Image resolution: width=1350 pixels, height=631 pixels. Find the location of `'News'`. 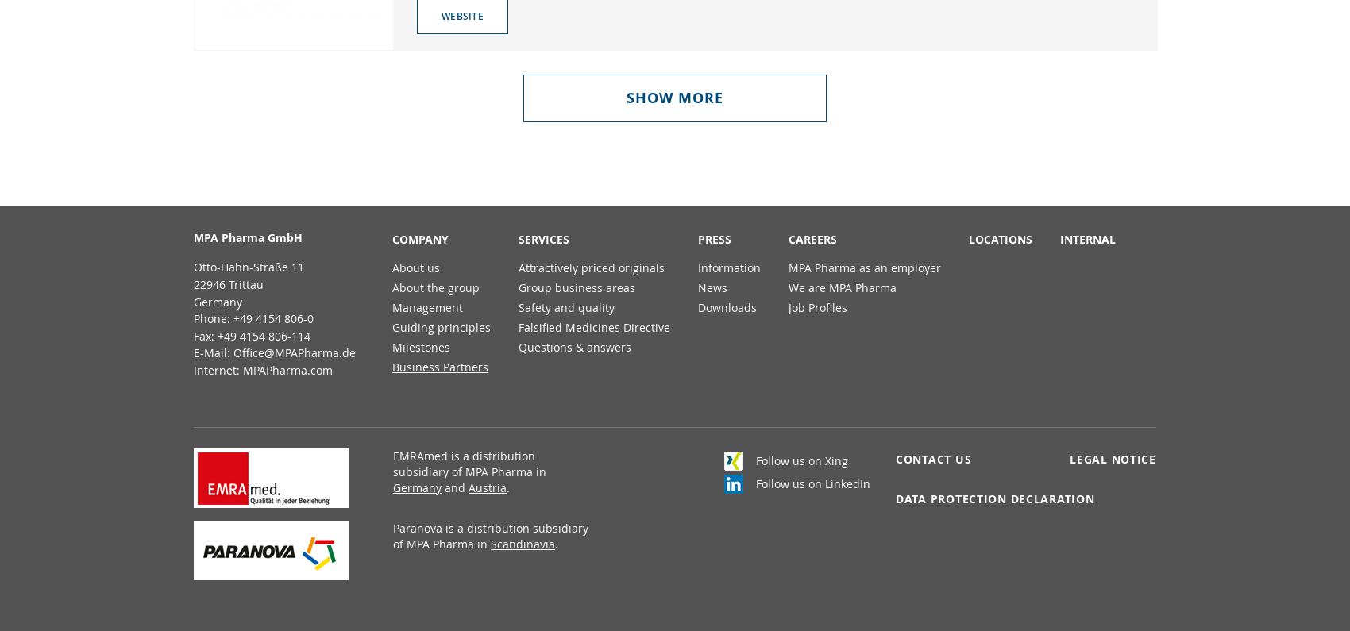

'News' is located at coordinates (712, 287).